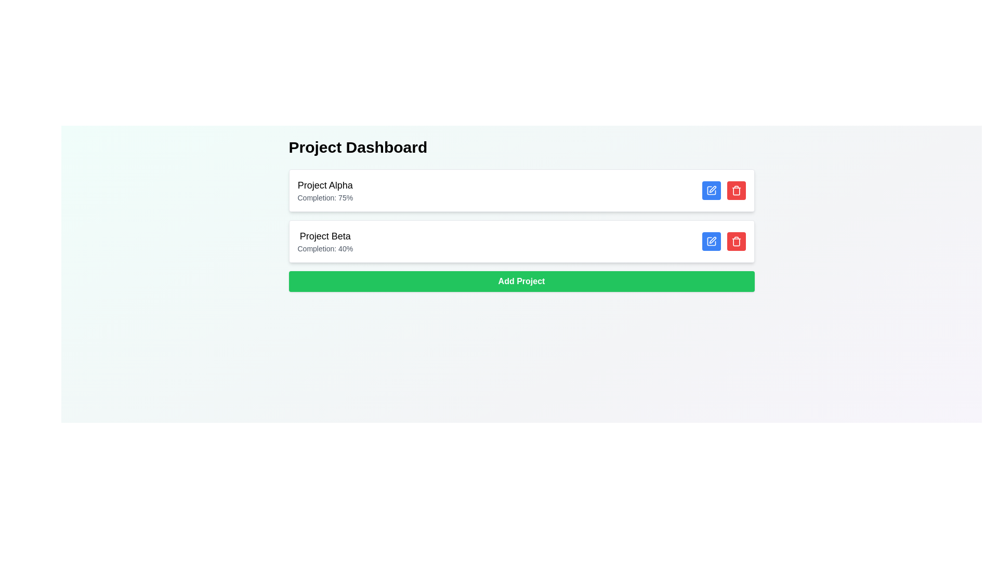  I want to click on the pen icon button located within a blue circular background to initiate editing of the associated project labeled 'Project Beta', so click(711, 242).